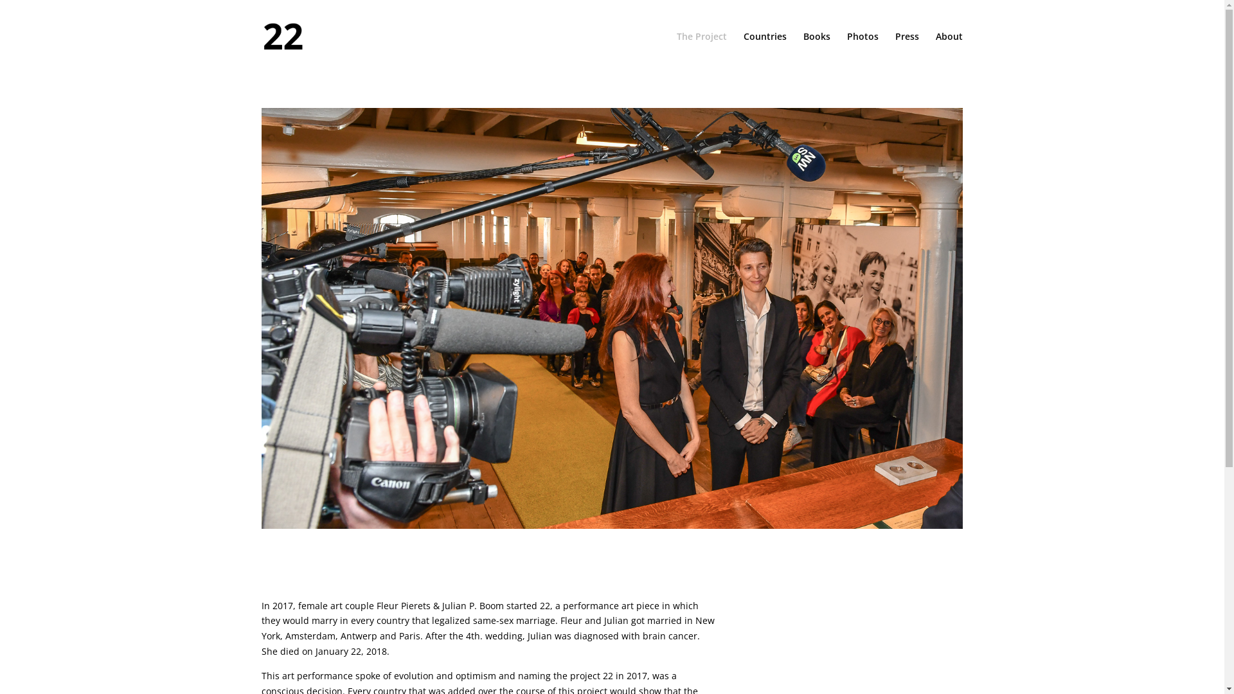  What do you see at coordinates (906, 51) in the screenshot?
I see `'Press'` at bounding box center [906, 51].